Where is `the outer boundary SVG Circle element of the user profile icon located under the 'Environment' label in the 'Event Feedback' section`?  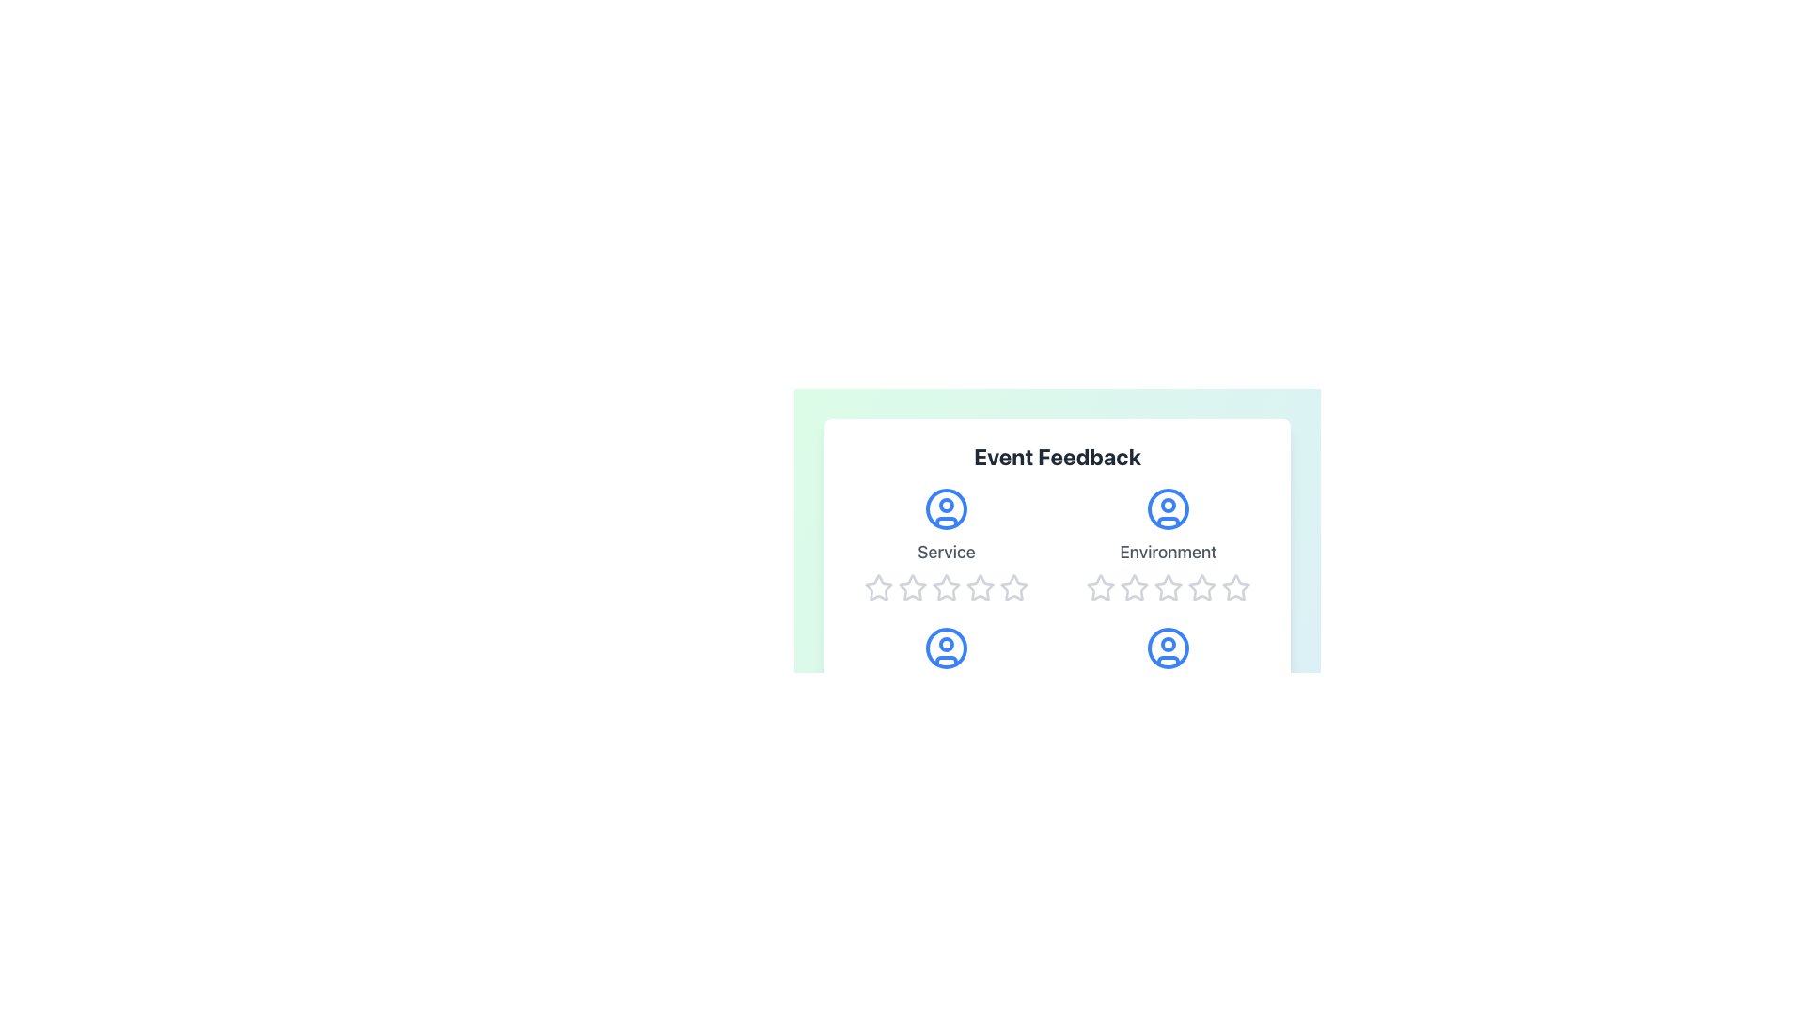 the outer boundary SVG Circle element of the user profile icon located under the 'Environment' label in the 'Event Feedback' section is located at coordinates (1168, 509).